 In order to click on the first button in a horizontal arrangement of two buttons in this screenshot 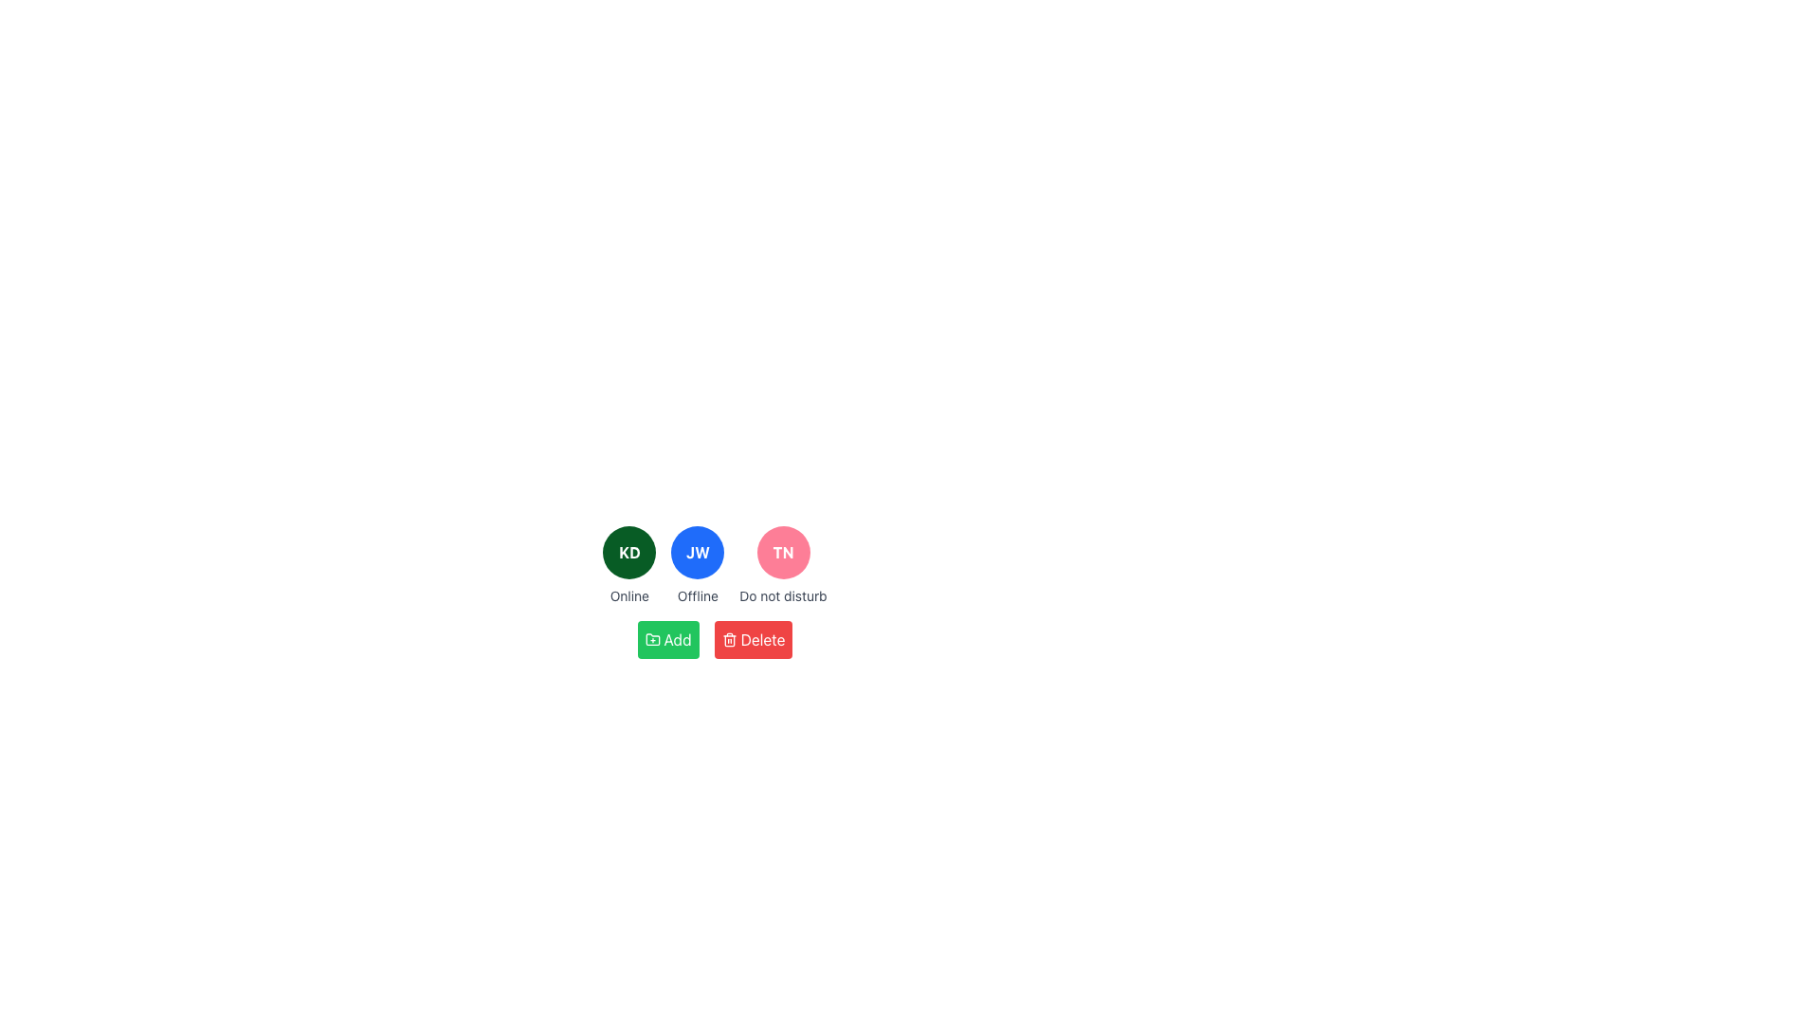, I will do `click(668, 640)`.